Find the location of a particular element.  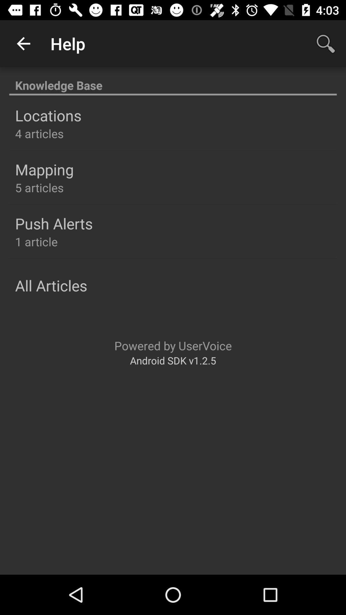

the 1 article icon is located at coordinates (36, 241).